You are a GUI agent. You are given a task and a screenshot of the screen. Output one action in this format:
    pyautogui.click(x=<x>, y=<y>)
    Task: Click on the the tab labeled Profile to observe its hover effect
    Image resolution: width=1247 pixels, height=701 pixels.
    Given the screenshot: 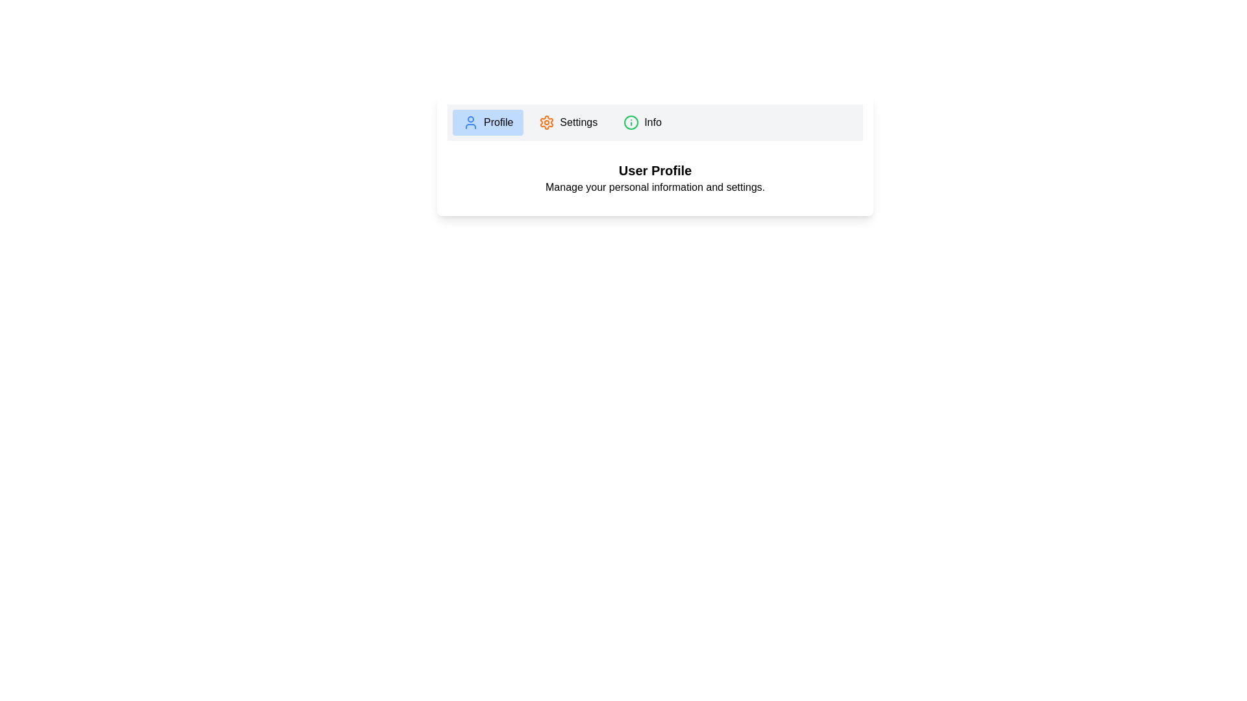 What is the action you would take?
    pyautogui.click(x=487, y=123)
    